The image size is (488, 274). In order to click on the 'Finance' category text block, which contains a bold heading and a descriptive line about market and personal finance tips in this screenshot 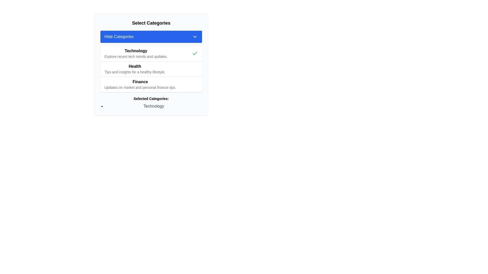, I will do `click(140, 84)`.